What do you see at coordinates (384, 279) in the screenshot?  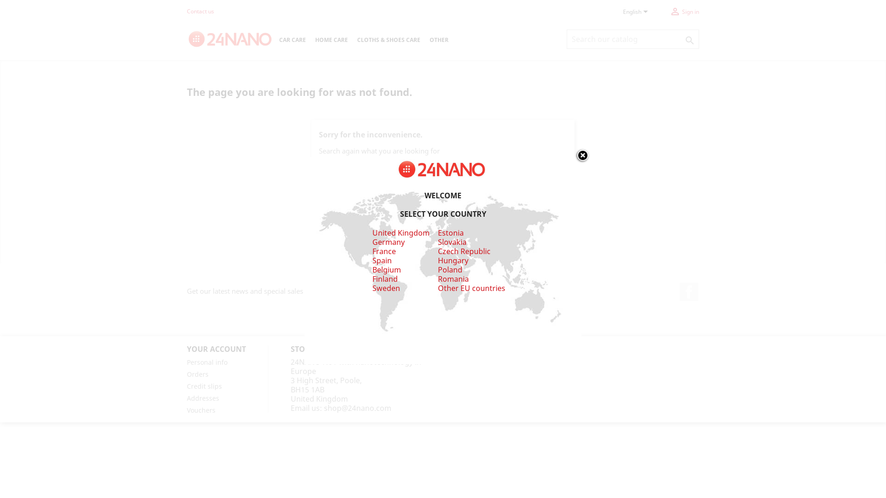 I see `'Finland'` at bounding box center [384, 279].